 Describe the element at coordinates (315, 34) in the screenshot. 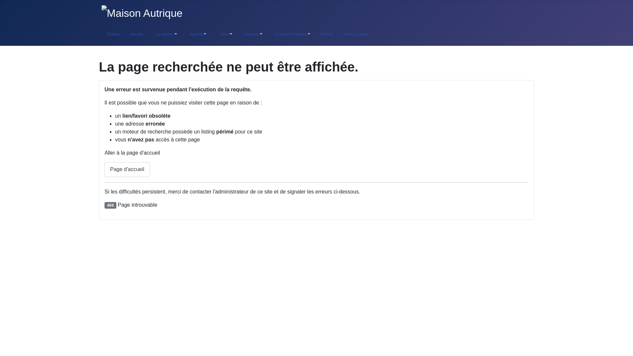

I see `'Presse'` at that location.